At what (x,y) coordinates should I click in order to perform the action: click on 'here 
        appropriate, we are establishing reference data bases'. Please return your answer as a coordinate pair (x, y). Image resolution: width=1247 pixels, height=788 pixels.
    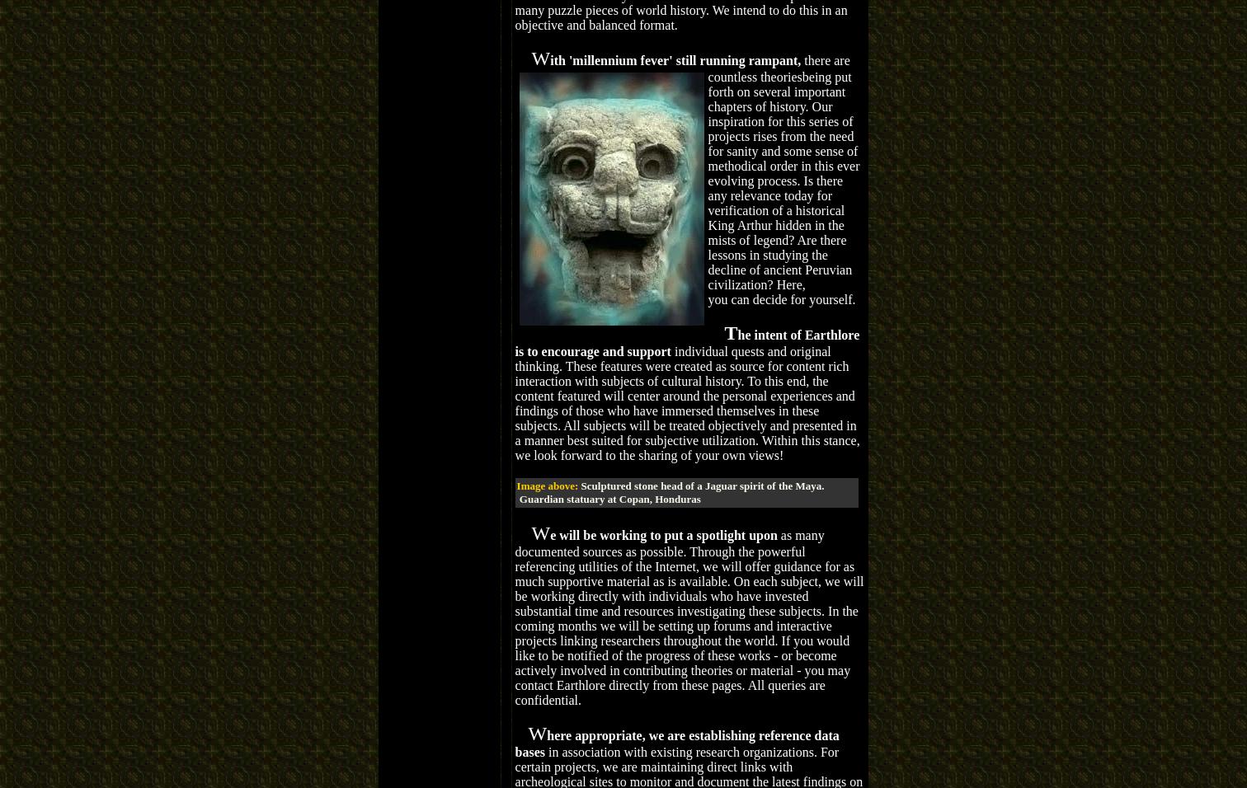
    Looking at the image, I should click on (676, 743).